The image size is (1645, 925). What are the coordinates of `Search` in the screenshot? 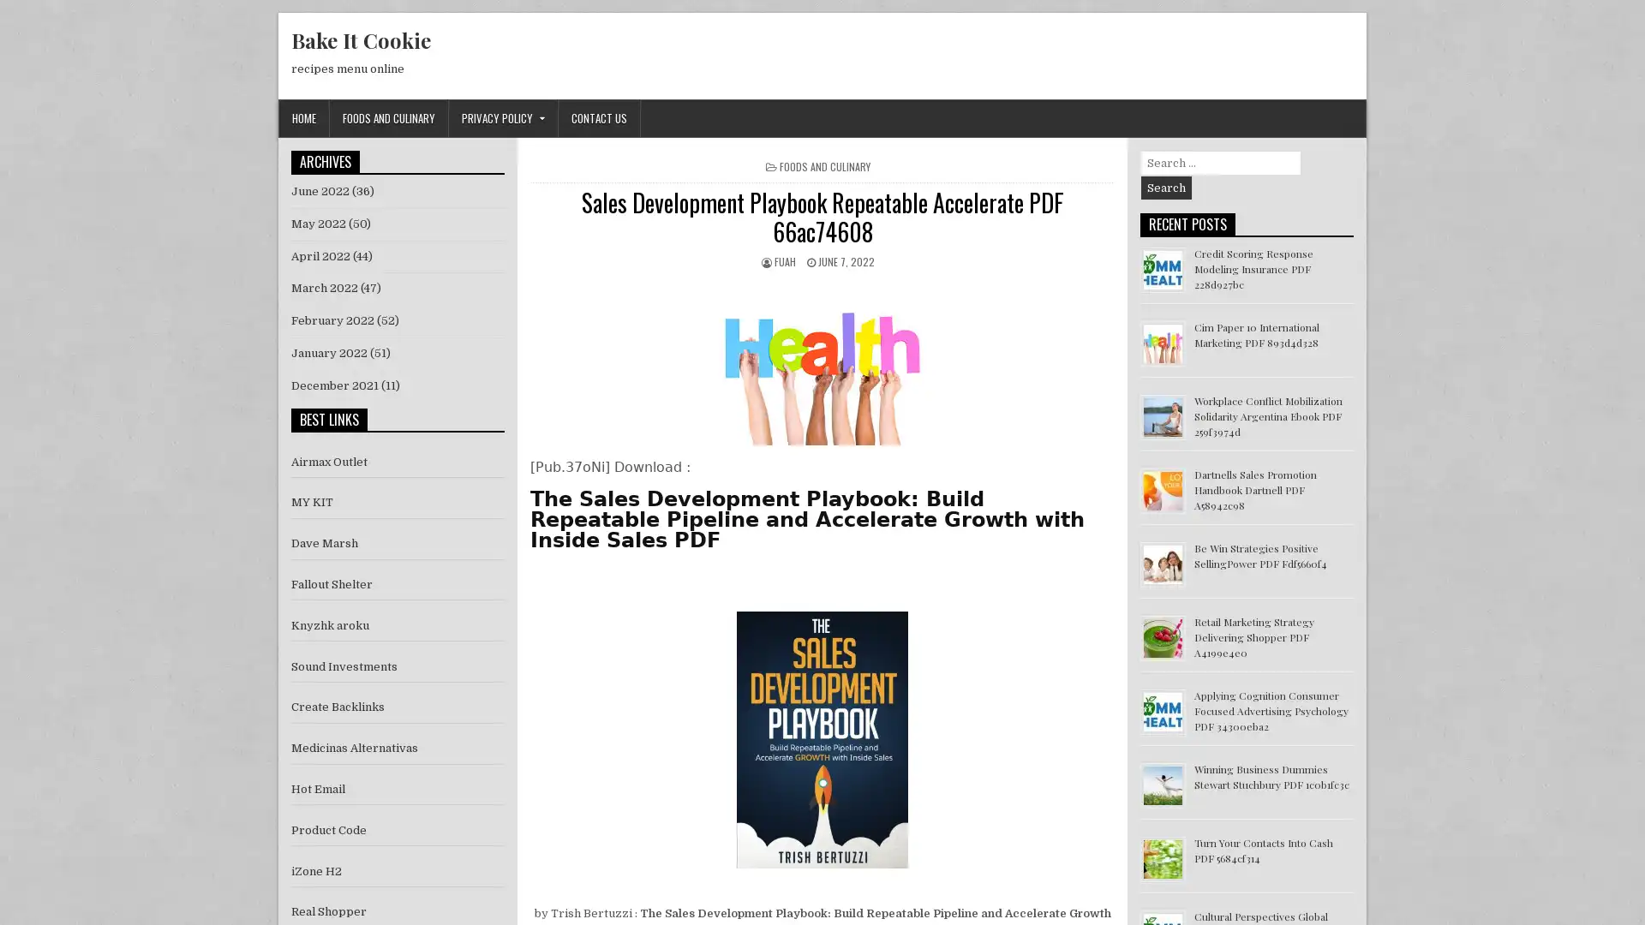 It's located at (1165, 188).